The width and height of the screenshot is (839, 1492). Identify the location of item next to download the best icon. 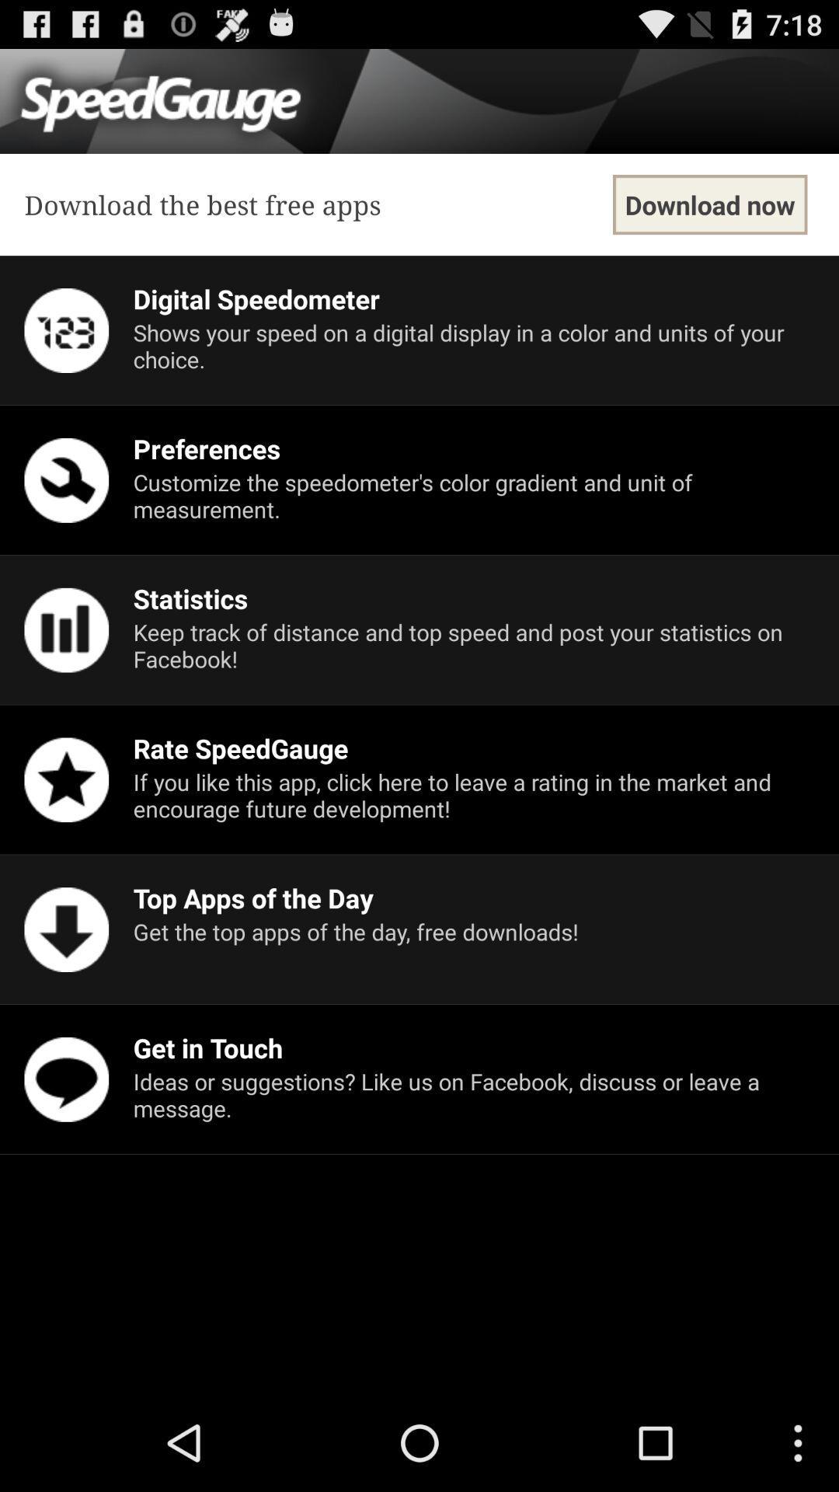
(710, 204).